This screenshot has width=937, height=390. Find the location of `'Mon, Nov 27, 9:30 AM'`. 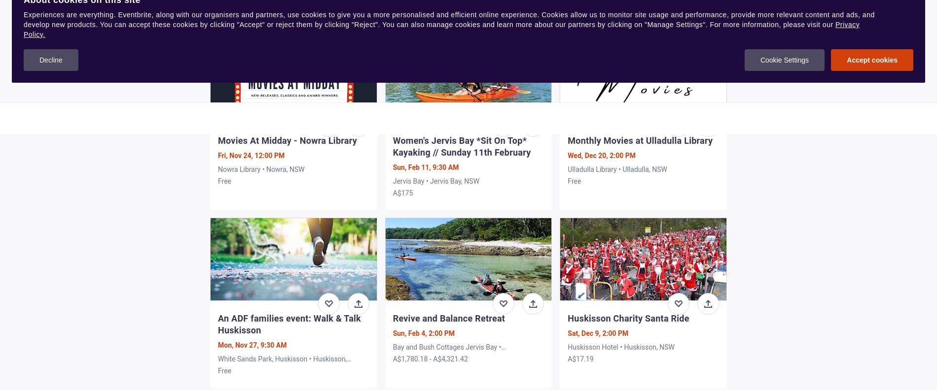

'Mon, Nov 27, 9:30 AM' is located at coordinates (252, 344).